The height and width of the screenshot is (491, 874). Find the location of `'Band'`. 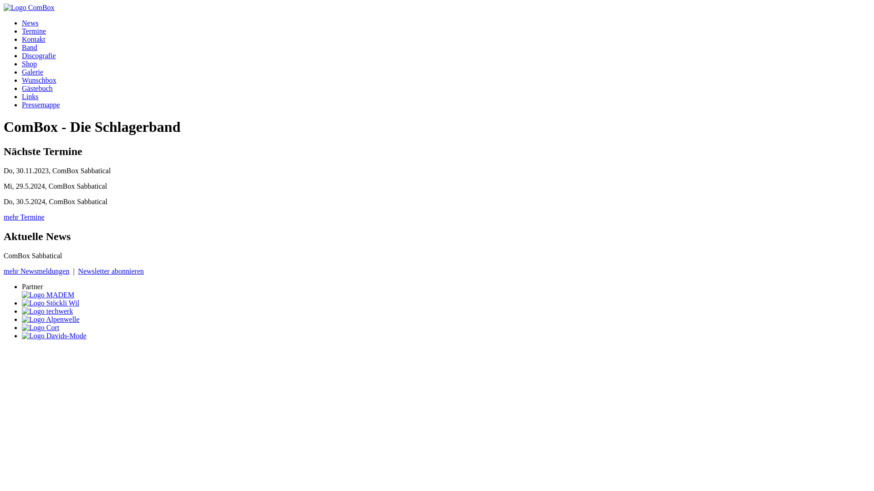

'Band' is located at coordinates (30, 47).